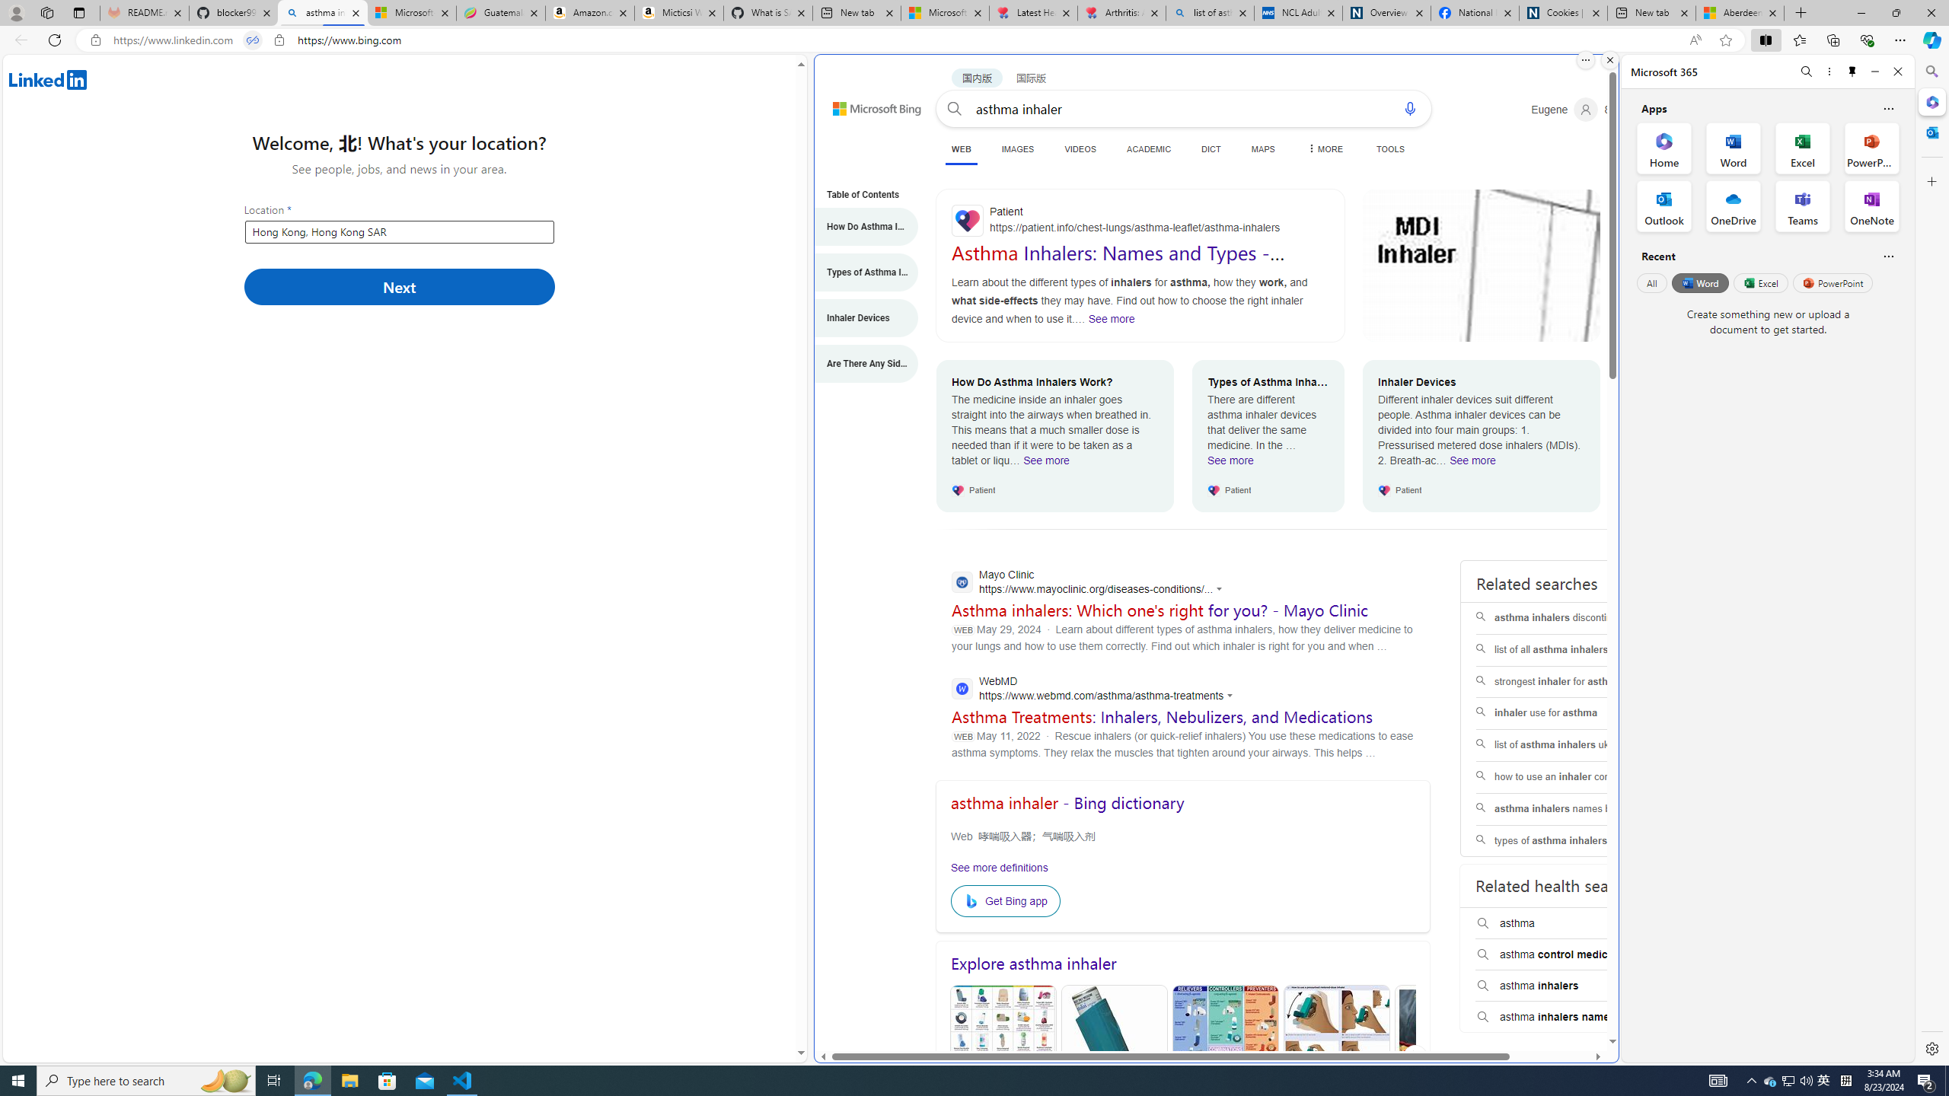 This screenshot has width=1949, height=1096. I want to click on 'TOOLS', so click(1390, 148).